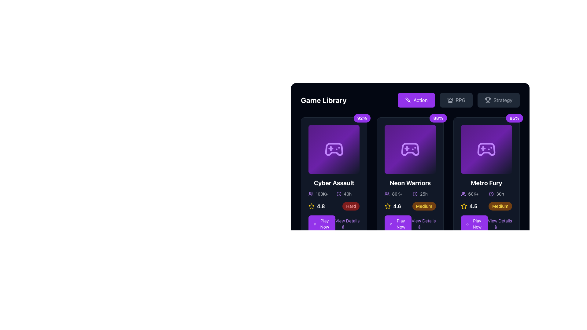 The image size is (587, 330). What do you see at coordinates (410, 149) in the screenshot?
I see `the interactive game tile with a gradient background and a gamepad icon at the center` at bounding box center [410, 149].